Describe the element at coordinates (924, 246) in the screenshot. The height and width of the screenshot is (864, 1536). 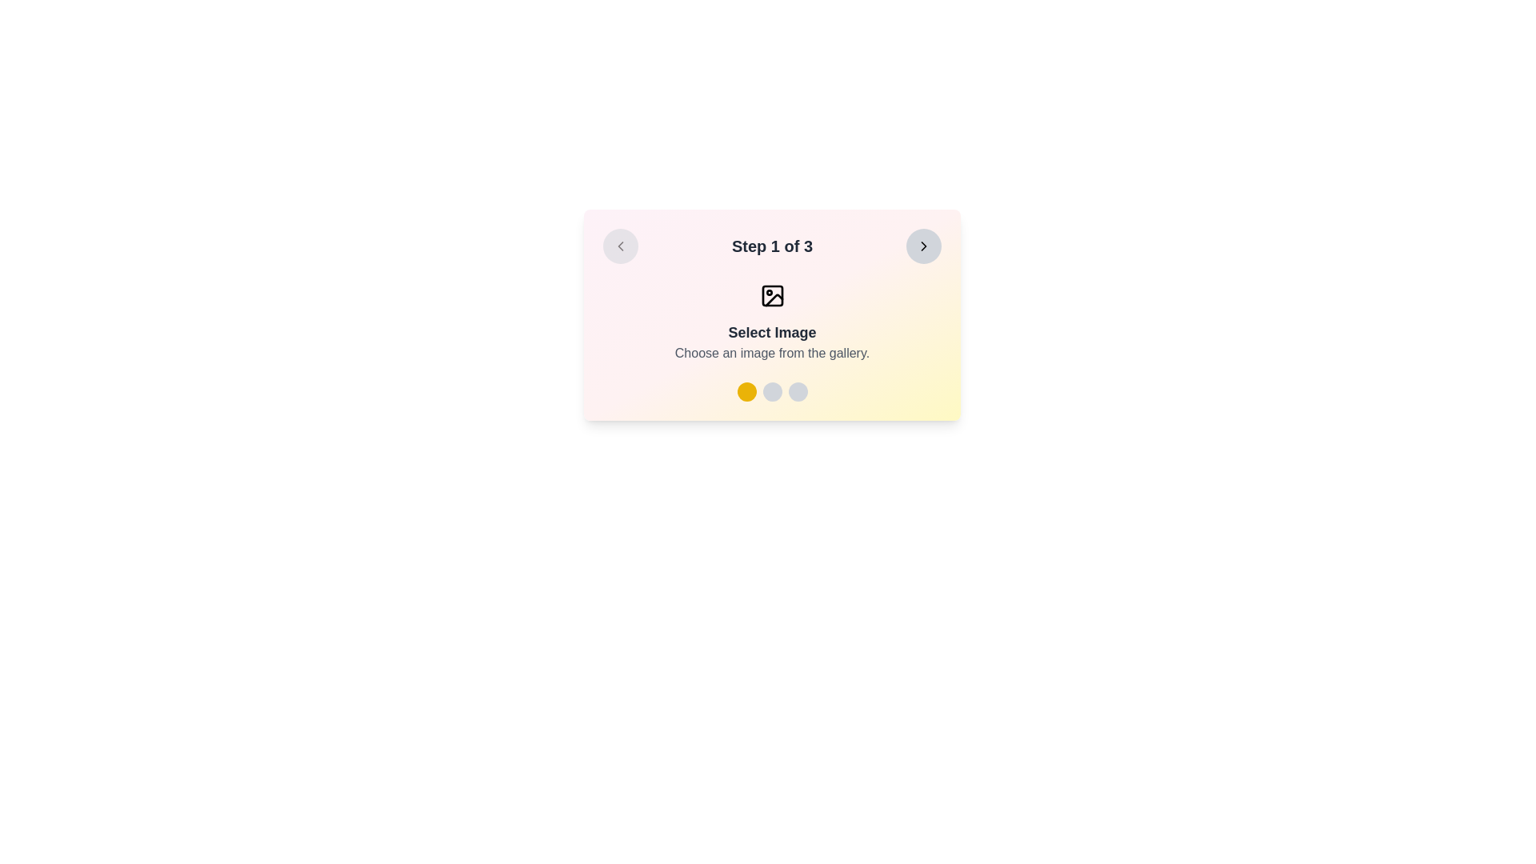
I see `the forward navigation button located in the top-right corner of the interactive panel to advance to the next step` at that location.